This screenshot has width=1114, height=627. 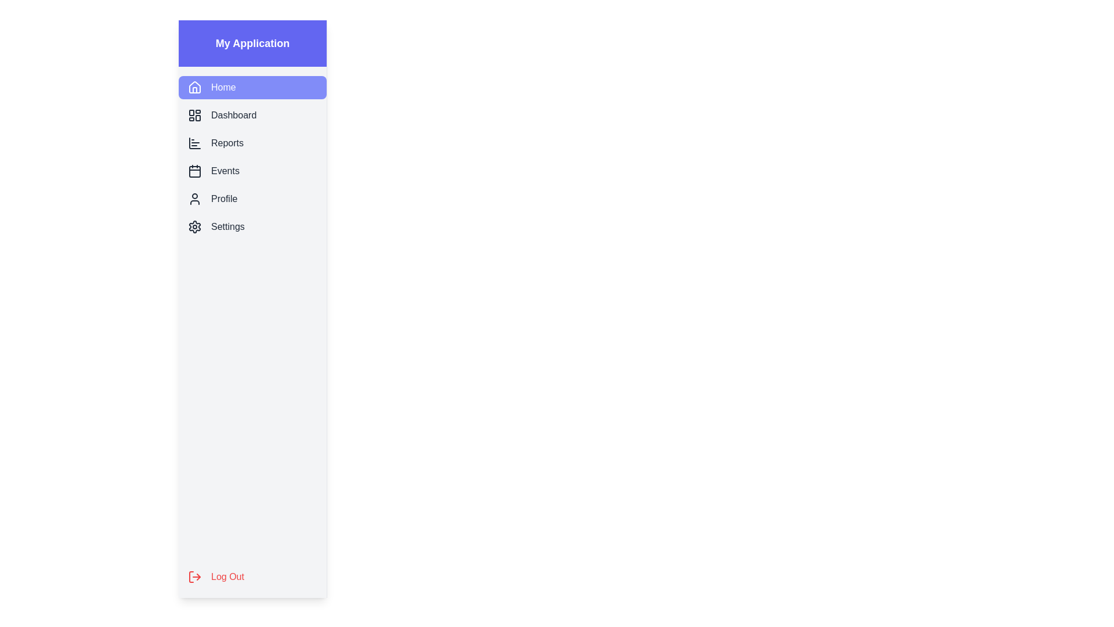 What do you see at coordinates (225, 171) in the screenshot?
I see `the 'Events' text label in the vertical navigation menu, which is the fourth entry below 'Reports' and above 'Profile'` at bounding box center [225, 171].